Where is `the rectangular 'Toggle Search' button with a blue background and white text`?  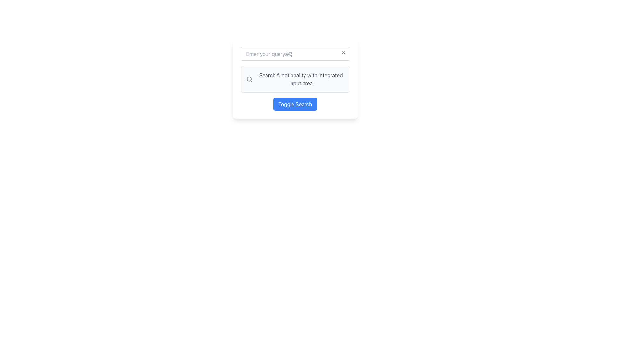 the rectangular 'Toggle Search' button with a blue background and white text is located at coordinates (295, 104).